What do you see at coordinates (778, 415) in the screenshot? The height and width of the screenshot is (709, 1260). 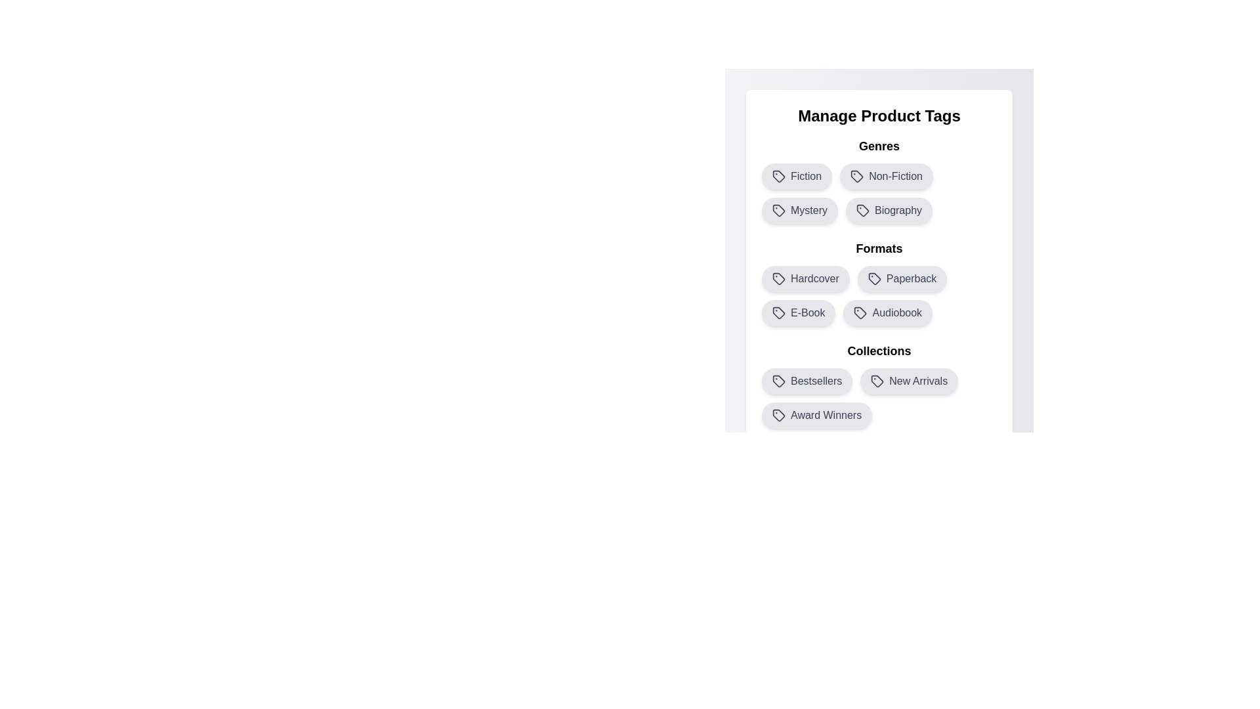 I see `the tagging icon located in the collections category, positioned below 'Bestsellers' and 'New Arrivals', and to the left of 'Award Winners'` at bounding box center [778, 415].